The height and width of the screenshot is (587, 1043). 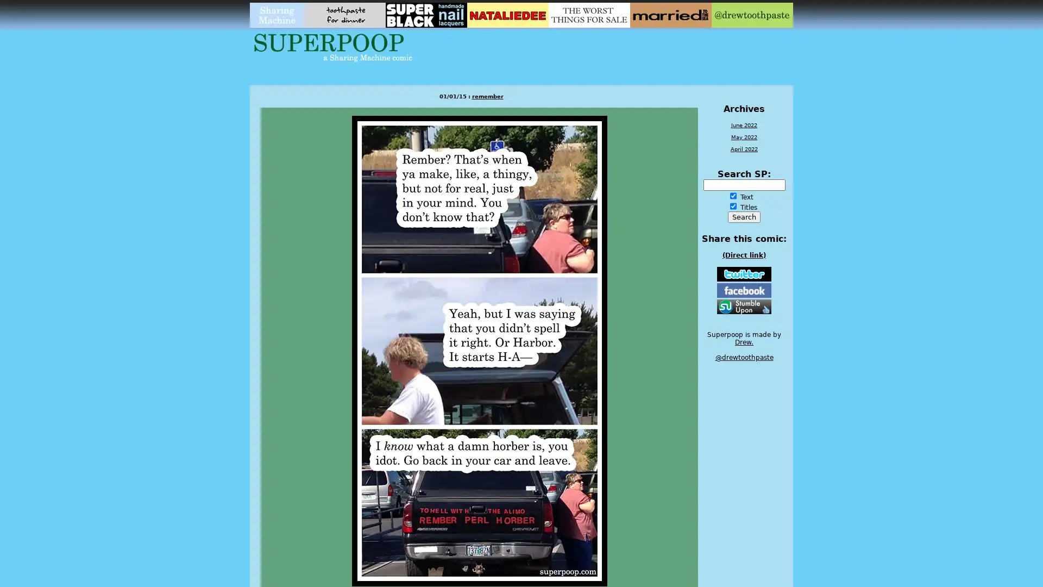 What do you see at coordinates (743, 217) in the screenshot?
I see `Search` at bounding box center [743, 217].